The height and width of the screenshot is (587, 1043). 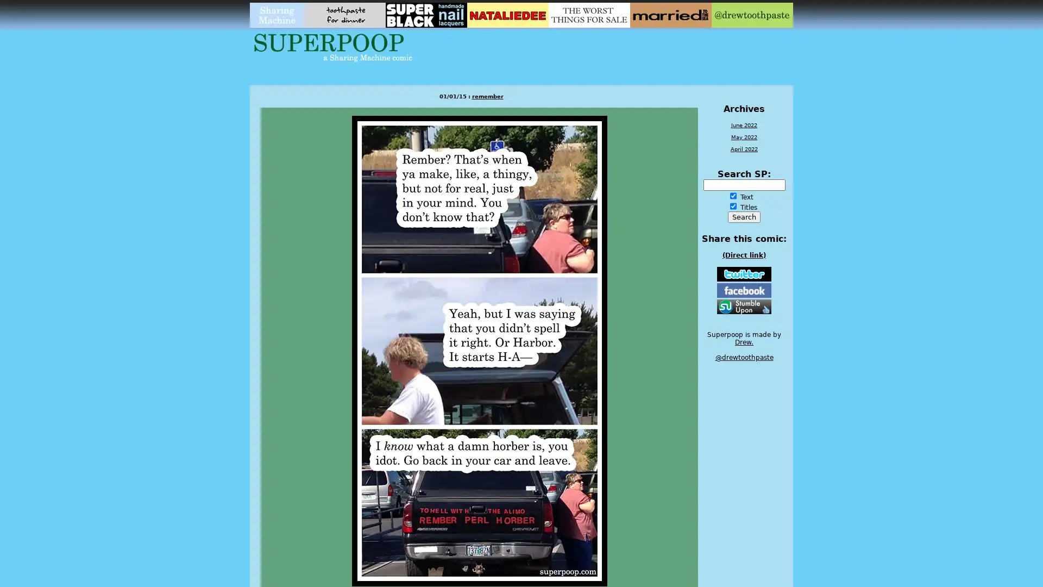 What do you see at coordinates (743, 217) in the screenshot?
I see `Search` at bounding box center [743, 217].